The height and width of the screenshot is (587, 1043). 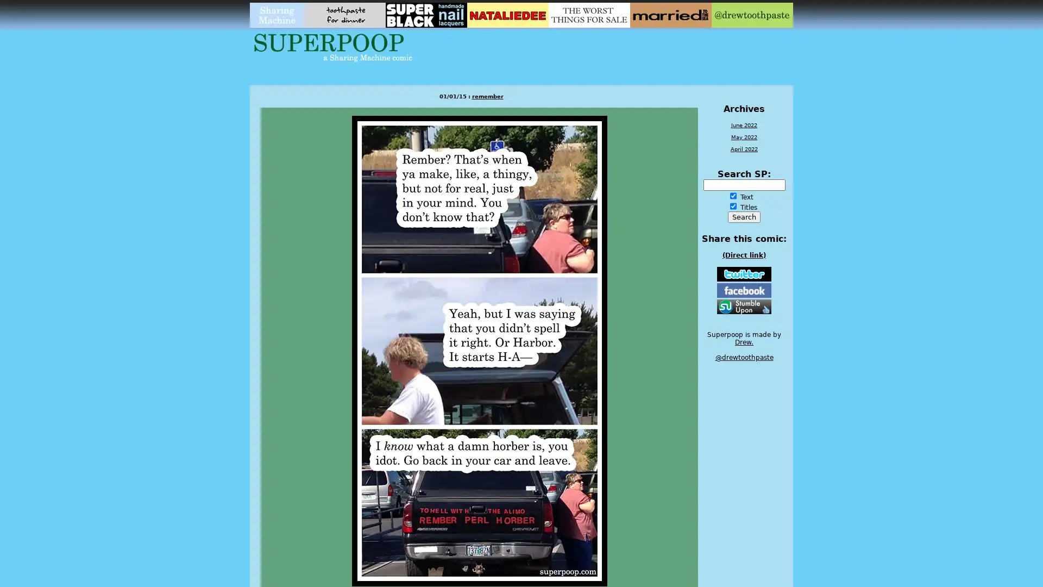 What do you see at coordinates (743, 217) in the screenshot?
I see `Search` at bounding box center [743, 217].